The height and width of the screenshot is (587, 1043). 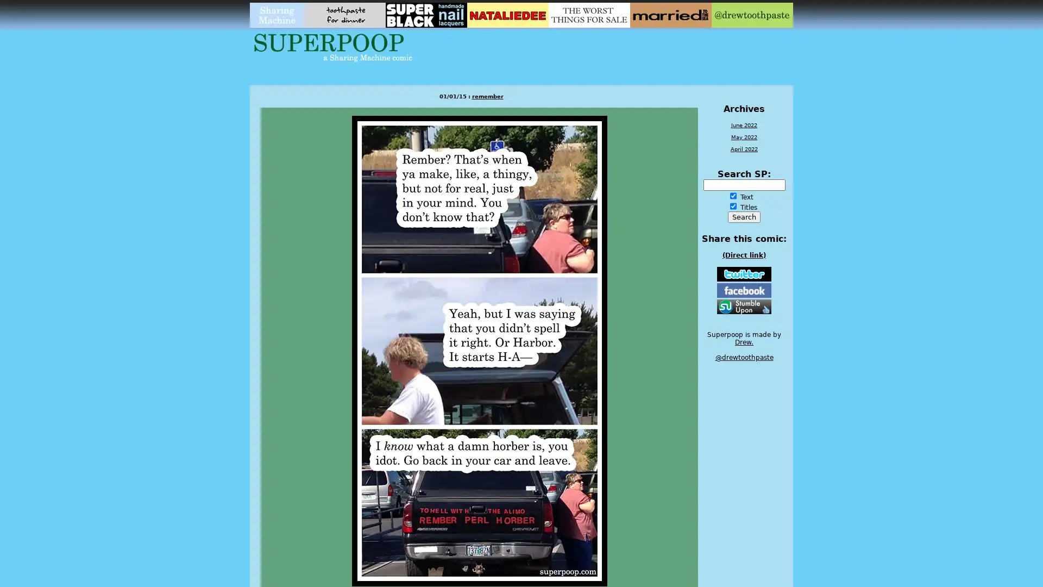 What do you see at coordinates (743, 217) in the screenshot?
I see `Search` at bounding box center [743, 217].